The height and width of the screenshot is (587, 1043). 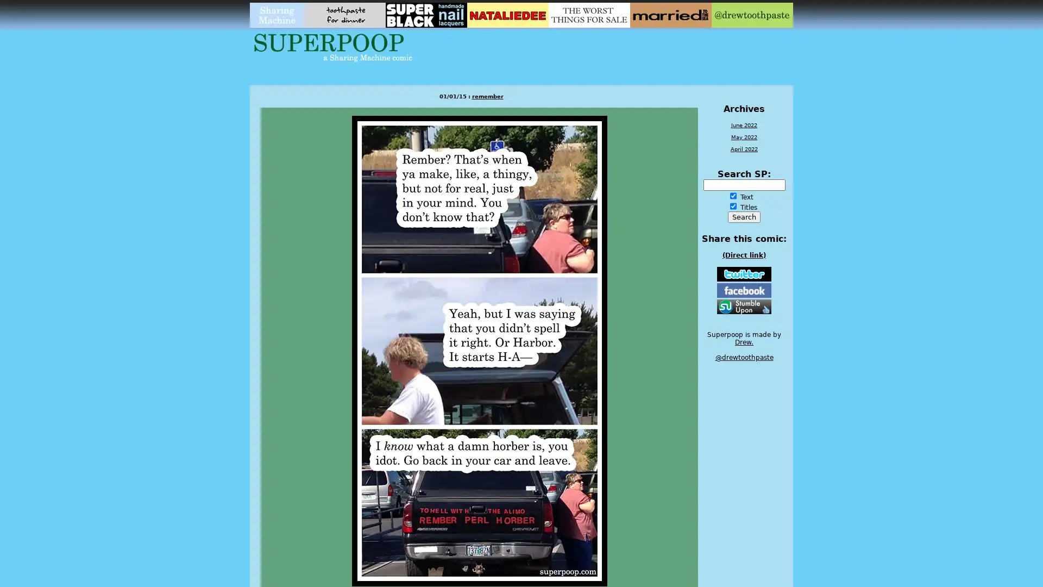 What do you see at coordinates (743, 217) in the screenshot?
I see `Search` at bounding box center [743, 217].